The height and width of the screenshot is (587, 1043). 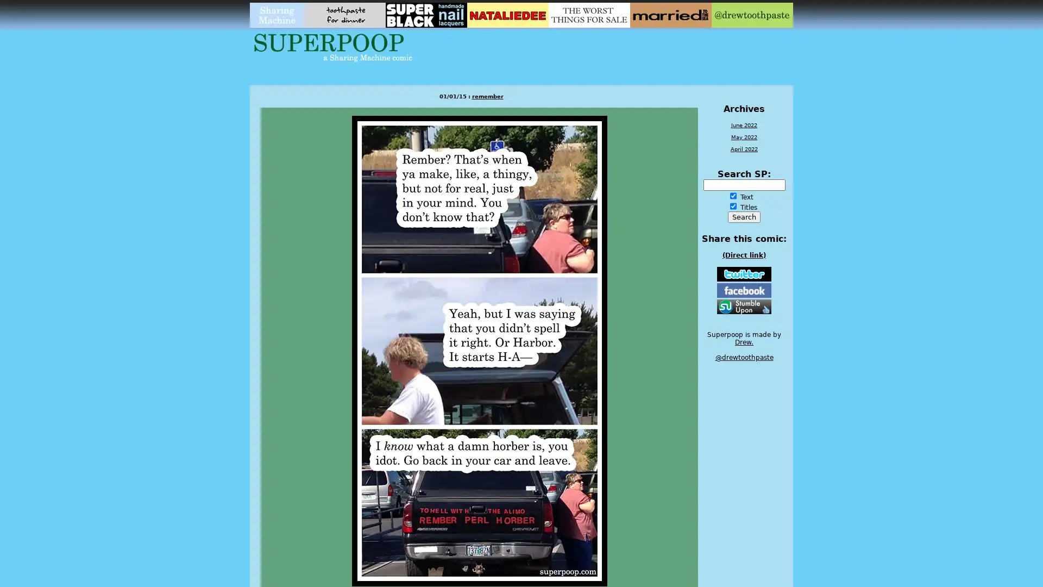 What do you see at coordinates (743, 217) in the screenshot?
I see `Search` at bounding box center [743, 217].